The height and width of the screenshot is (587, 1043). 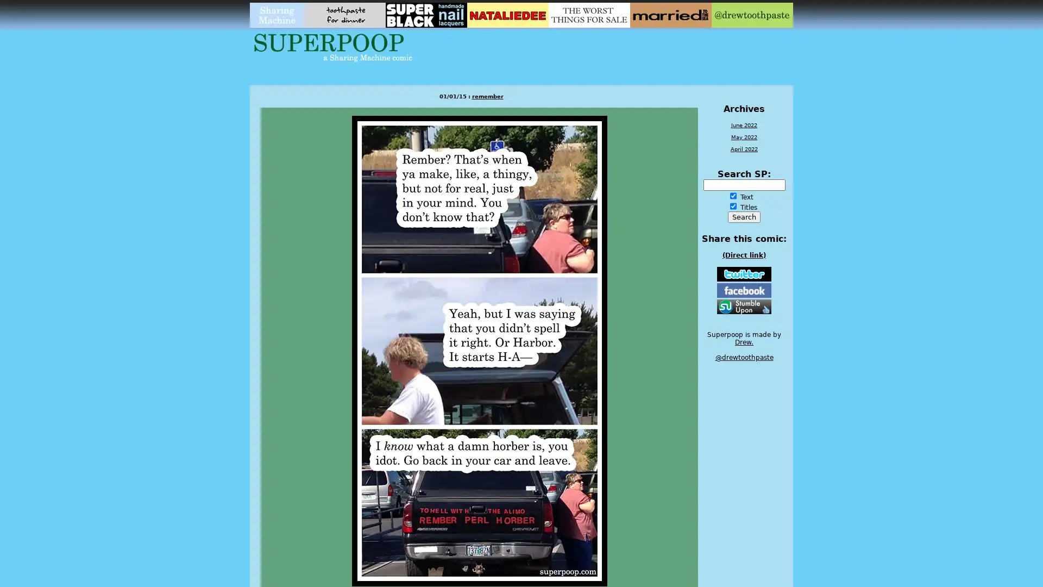 What do you see at coordinates (743, 217) in the screenshot?
I see `Search` at bounding box center [743, 217].